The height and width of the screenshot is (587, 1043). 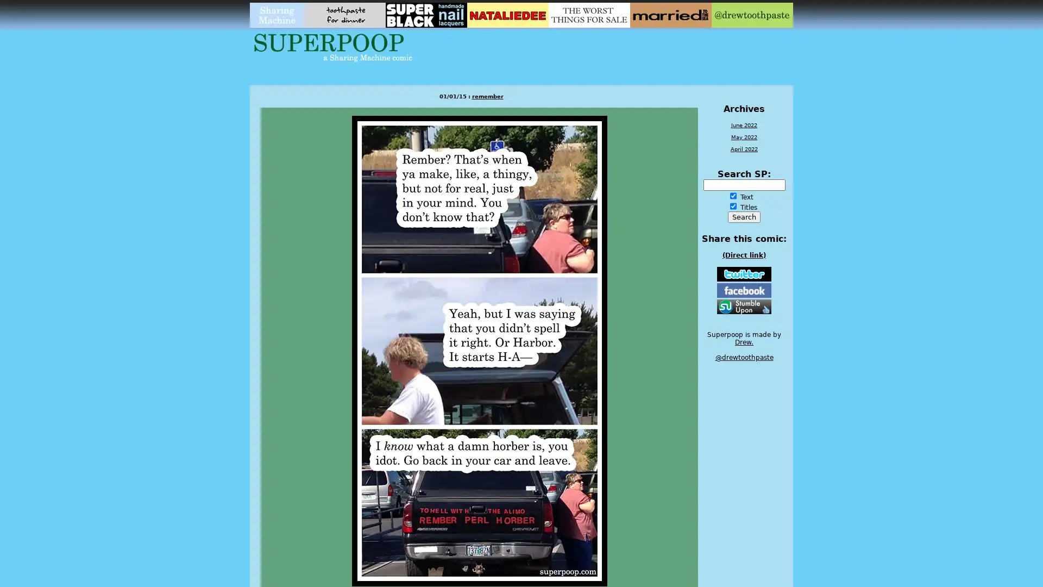 What do you see at coordinates (743, 217) in the screenshot?
I see `Search` at bounding box center [743, 217].